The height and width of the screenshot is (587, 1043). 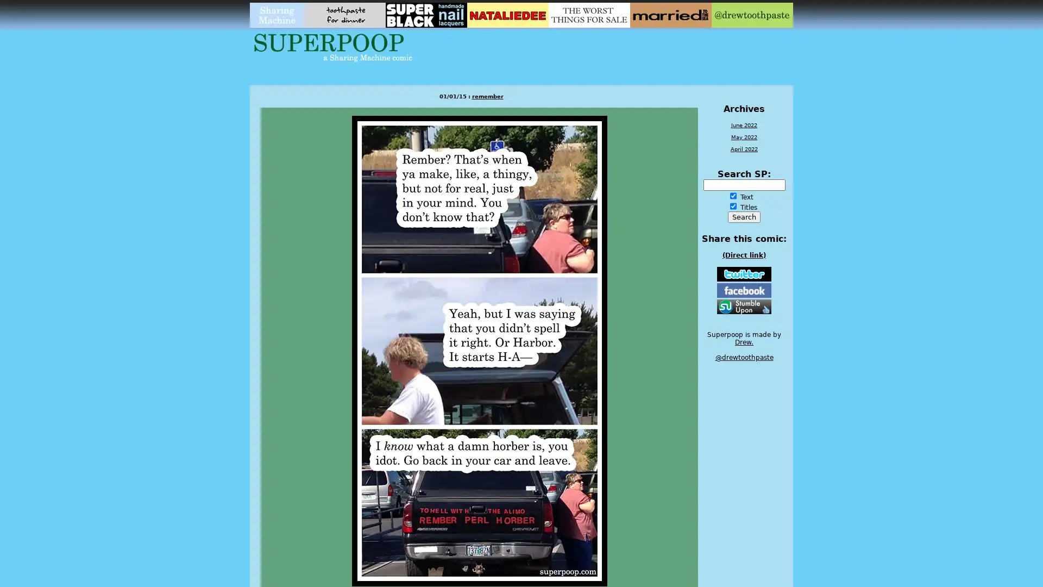 What do you see at coordinates (743, 217) in the screenshot?
I see `Search` at bounding box center [743, 217].